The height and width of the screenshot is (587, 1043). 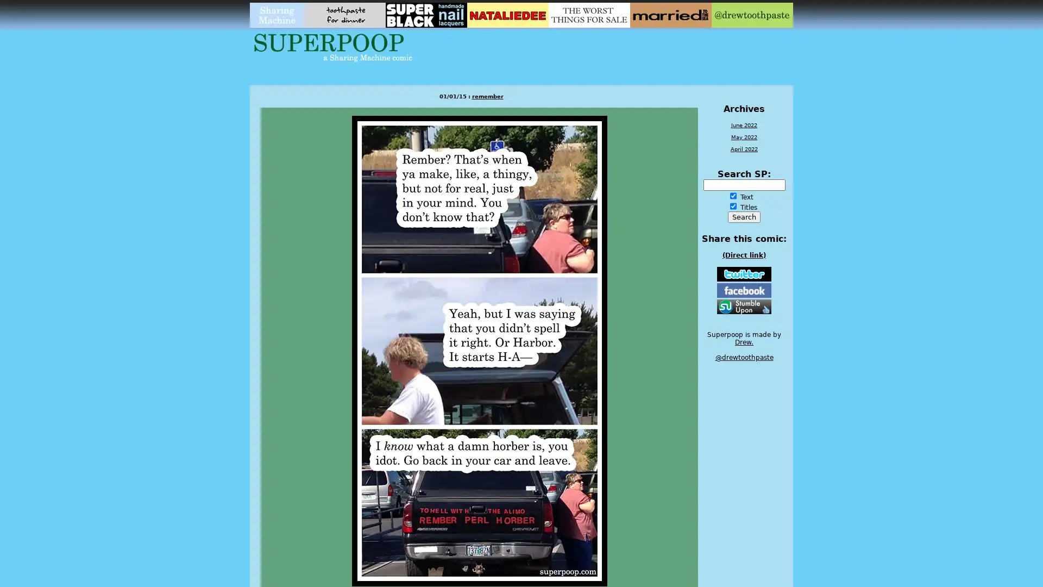 What do you see at coordinates (743, 217) in the screenshot?
I see `Search` at bounding box center [743, 217].